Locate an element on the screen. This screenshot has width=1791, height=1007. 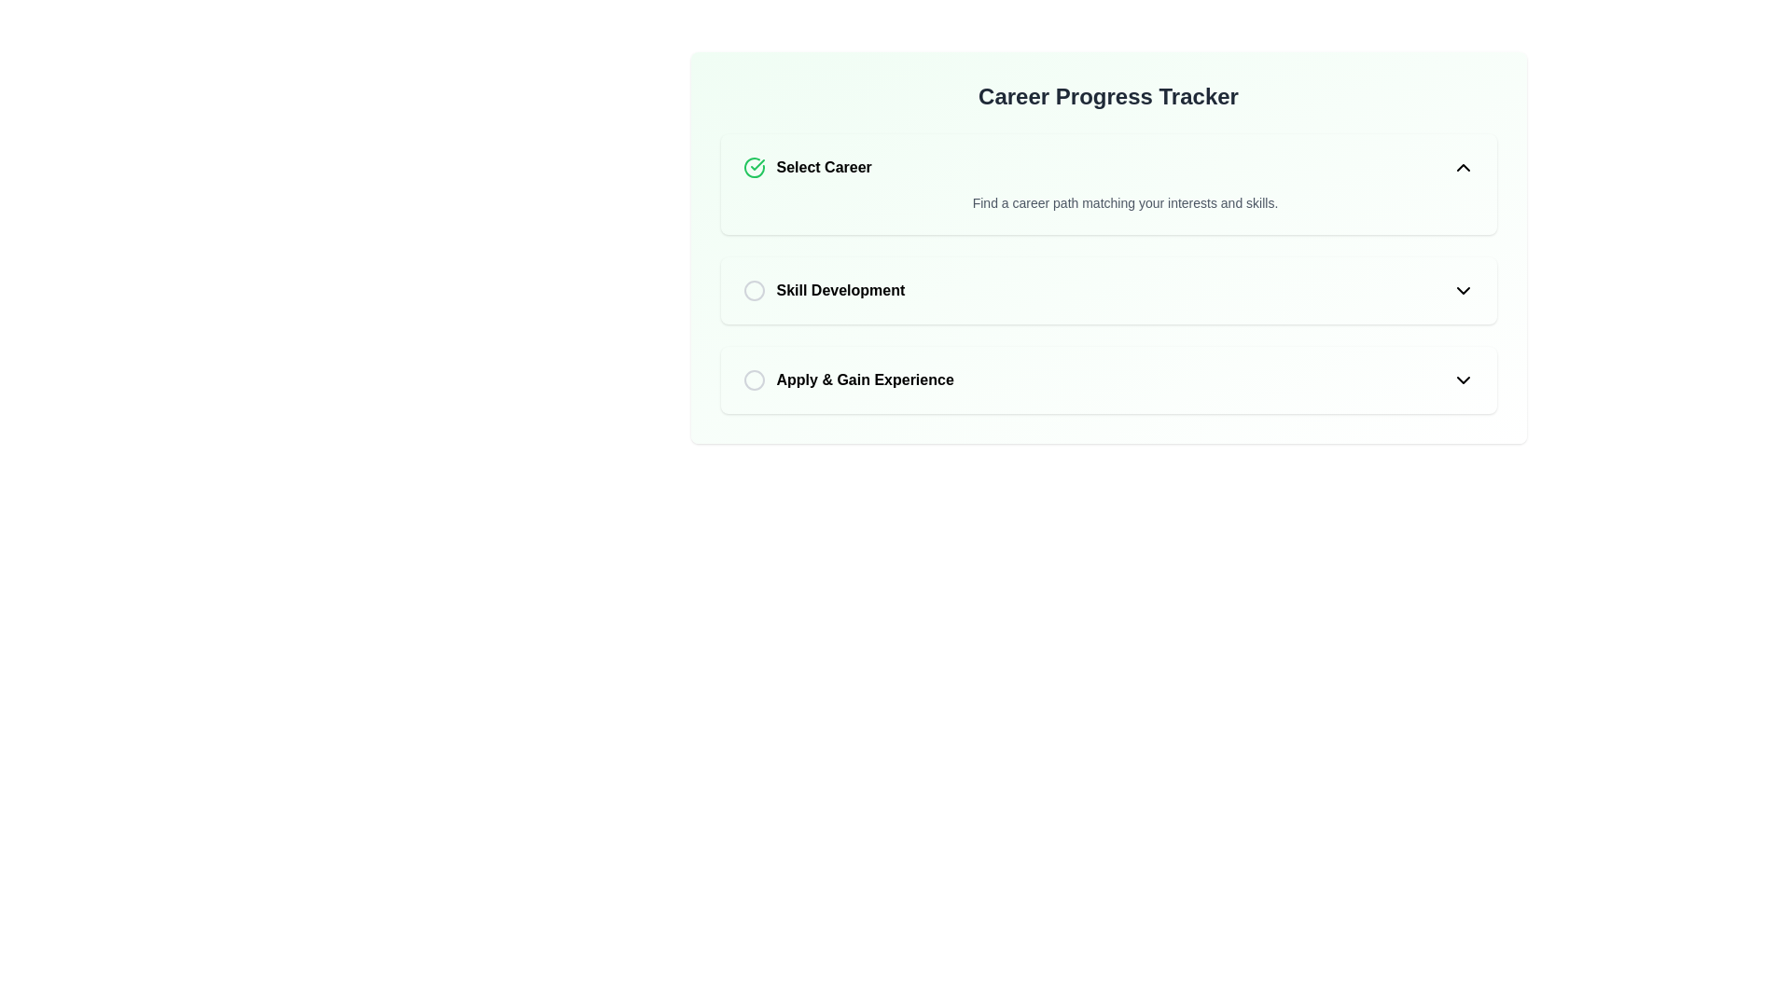
the downward-pointing chevron icon indicating the dropdown menu, located at the far right of the 'Apply & Gain Experience' row is located at coordinates (1462, 379).